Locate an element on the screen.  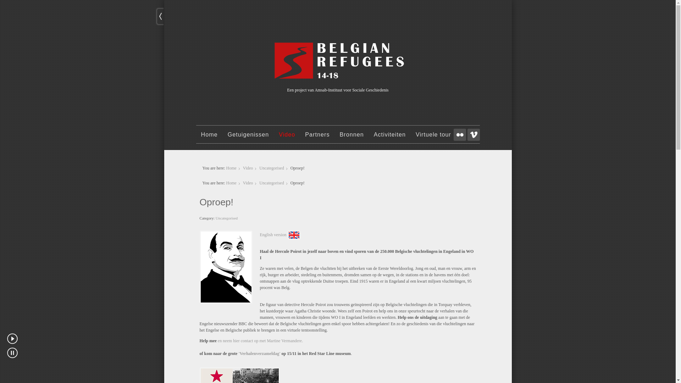
'Vimeo' is located at coordinates (467, 135).